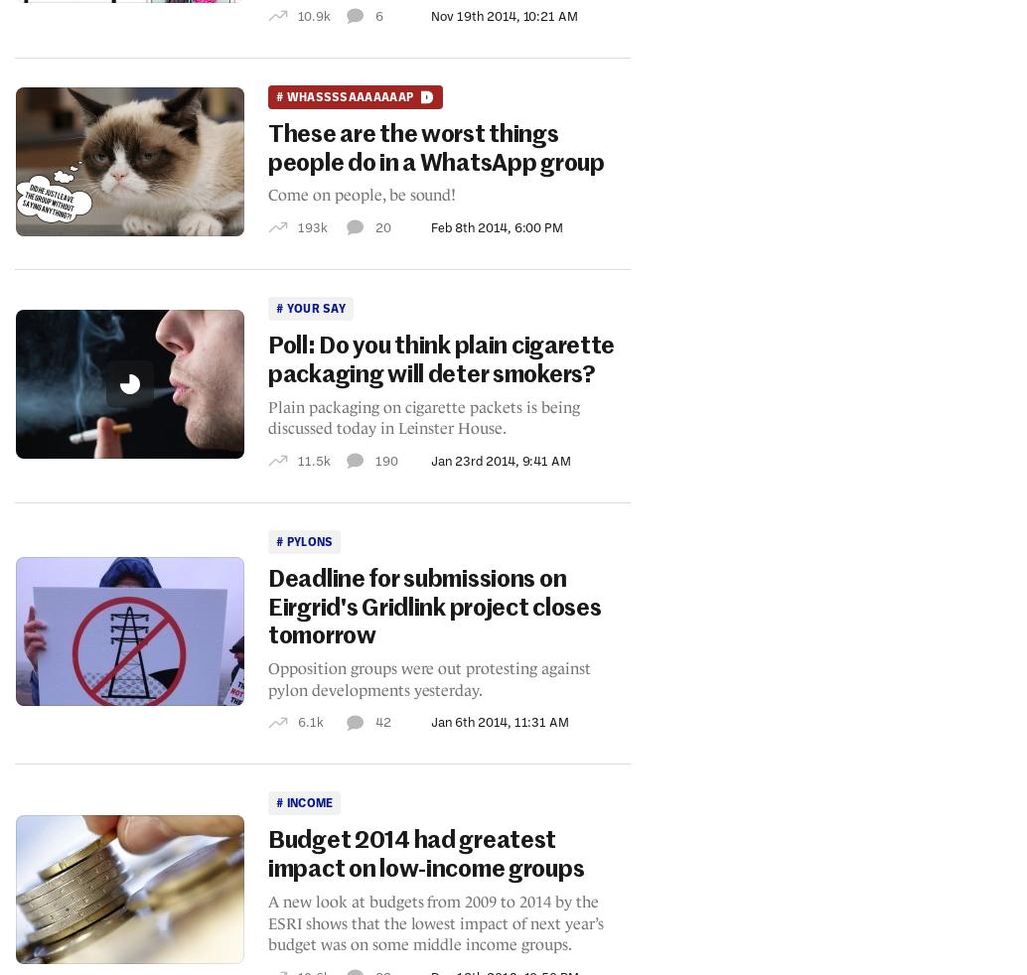 This screenshot has width=1027, height=975. Describe the element at coordinates (309, 720) in the screenshot. I see `'6.1k'` at that location.